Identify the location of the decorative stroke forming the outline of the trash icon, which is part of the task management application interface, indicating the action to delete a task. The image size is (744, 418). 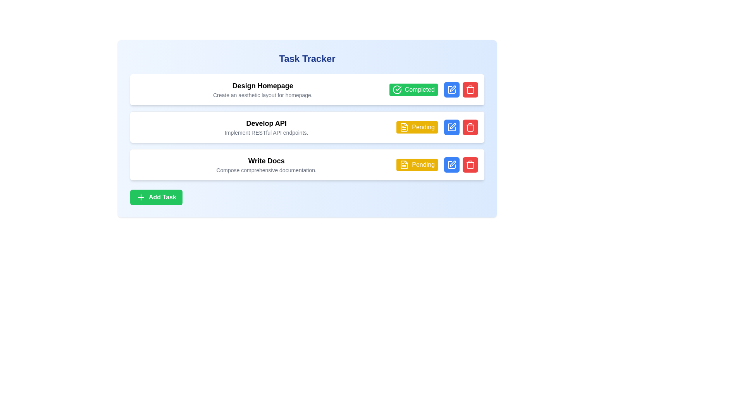
(470, 165).